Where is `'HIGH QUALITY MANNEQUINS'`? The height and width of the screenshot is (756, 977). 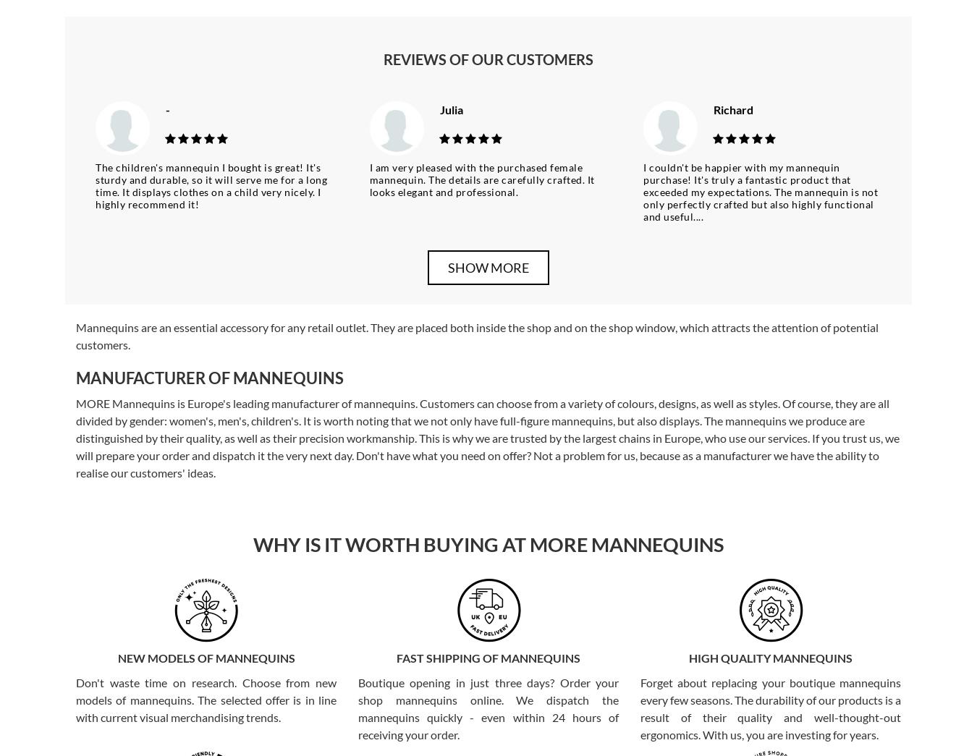
'HIGH QUALITY MANNEQUINS' is located at coordinates (771, 658).